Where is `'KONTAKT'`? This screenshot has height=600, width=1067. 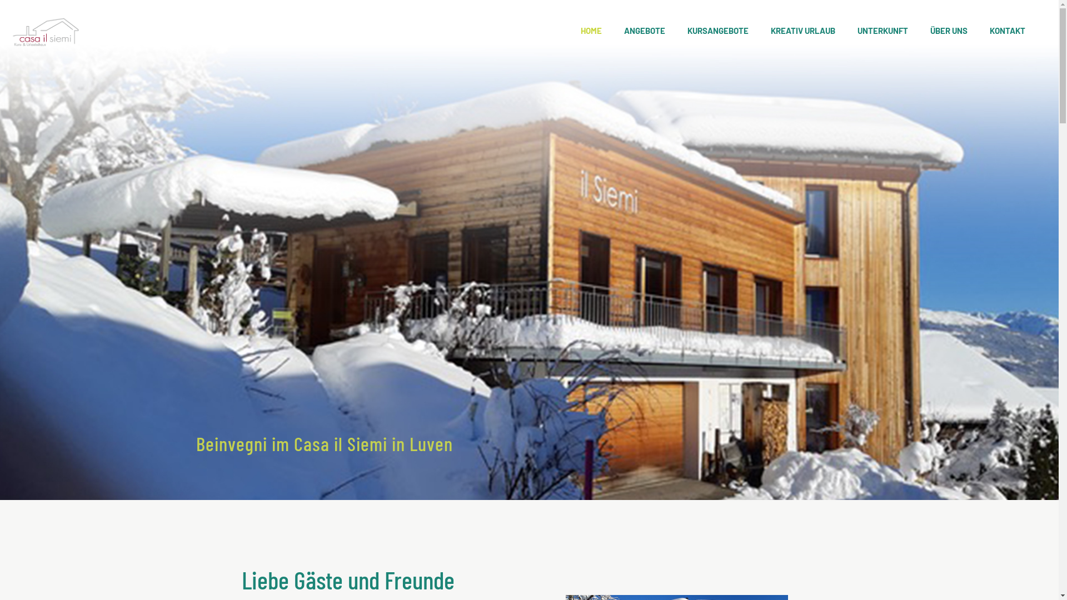 'KONTAKT' is located at coordinates (1008, 29).